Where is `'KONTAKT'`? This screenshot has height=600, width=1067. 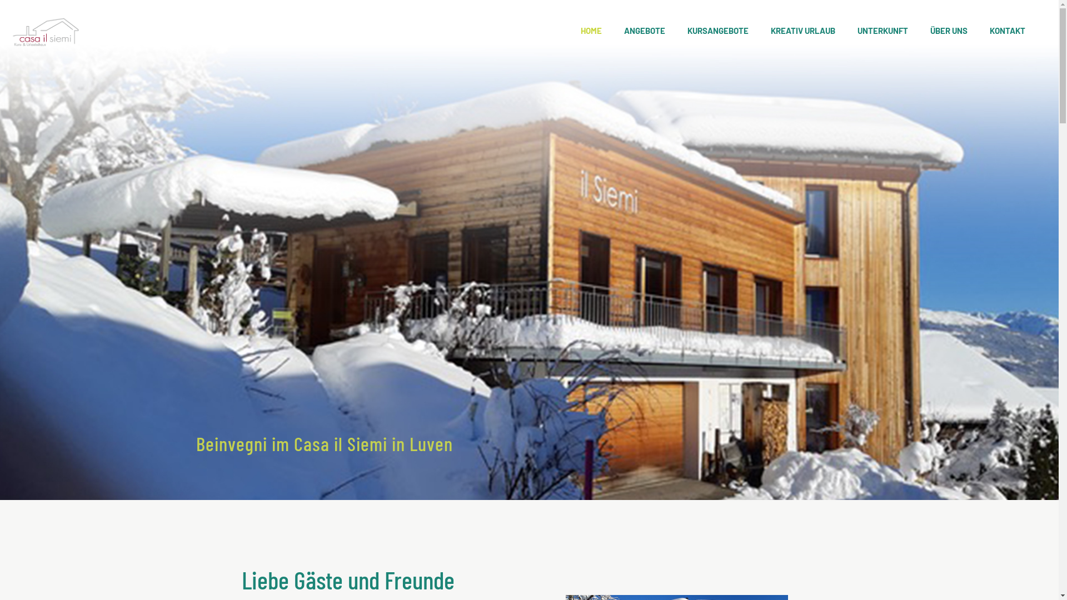 'KONTAKT' is located at coordinates (1008, 29).